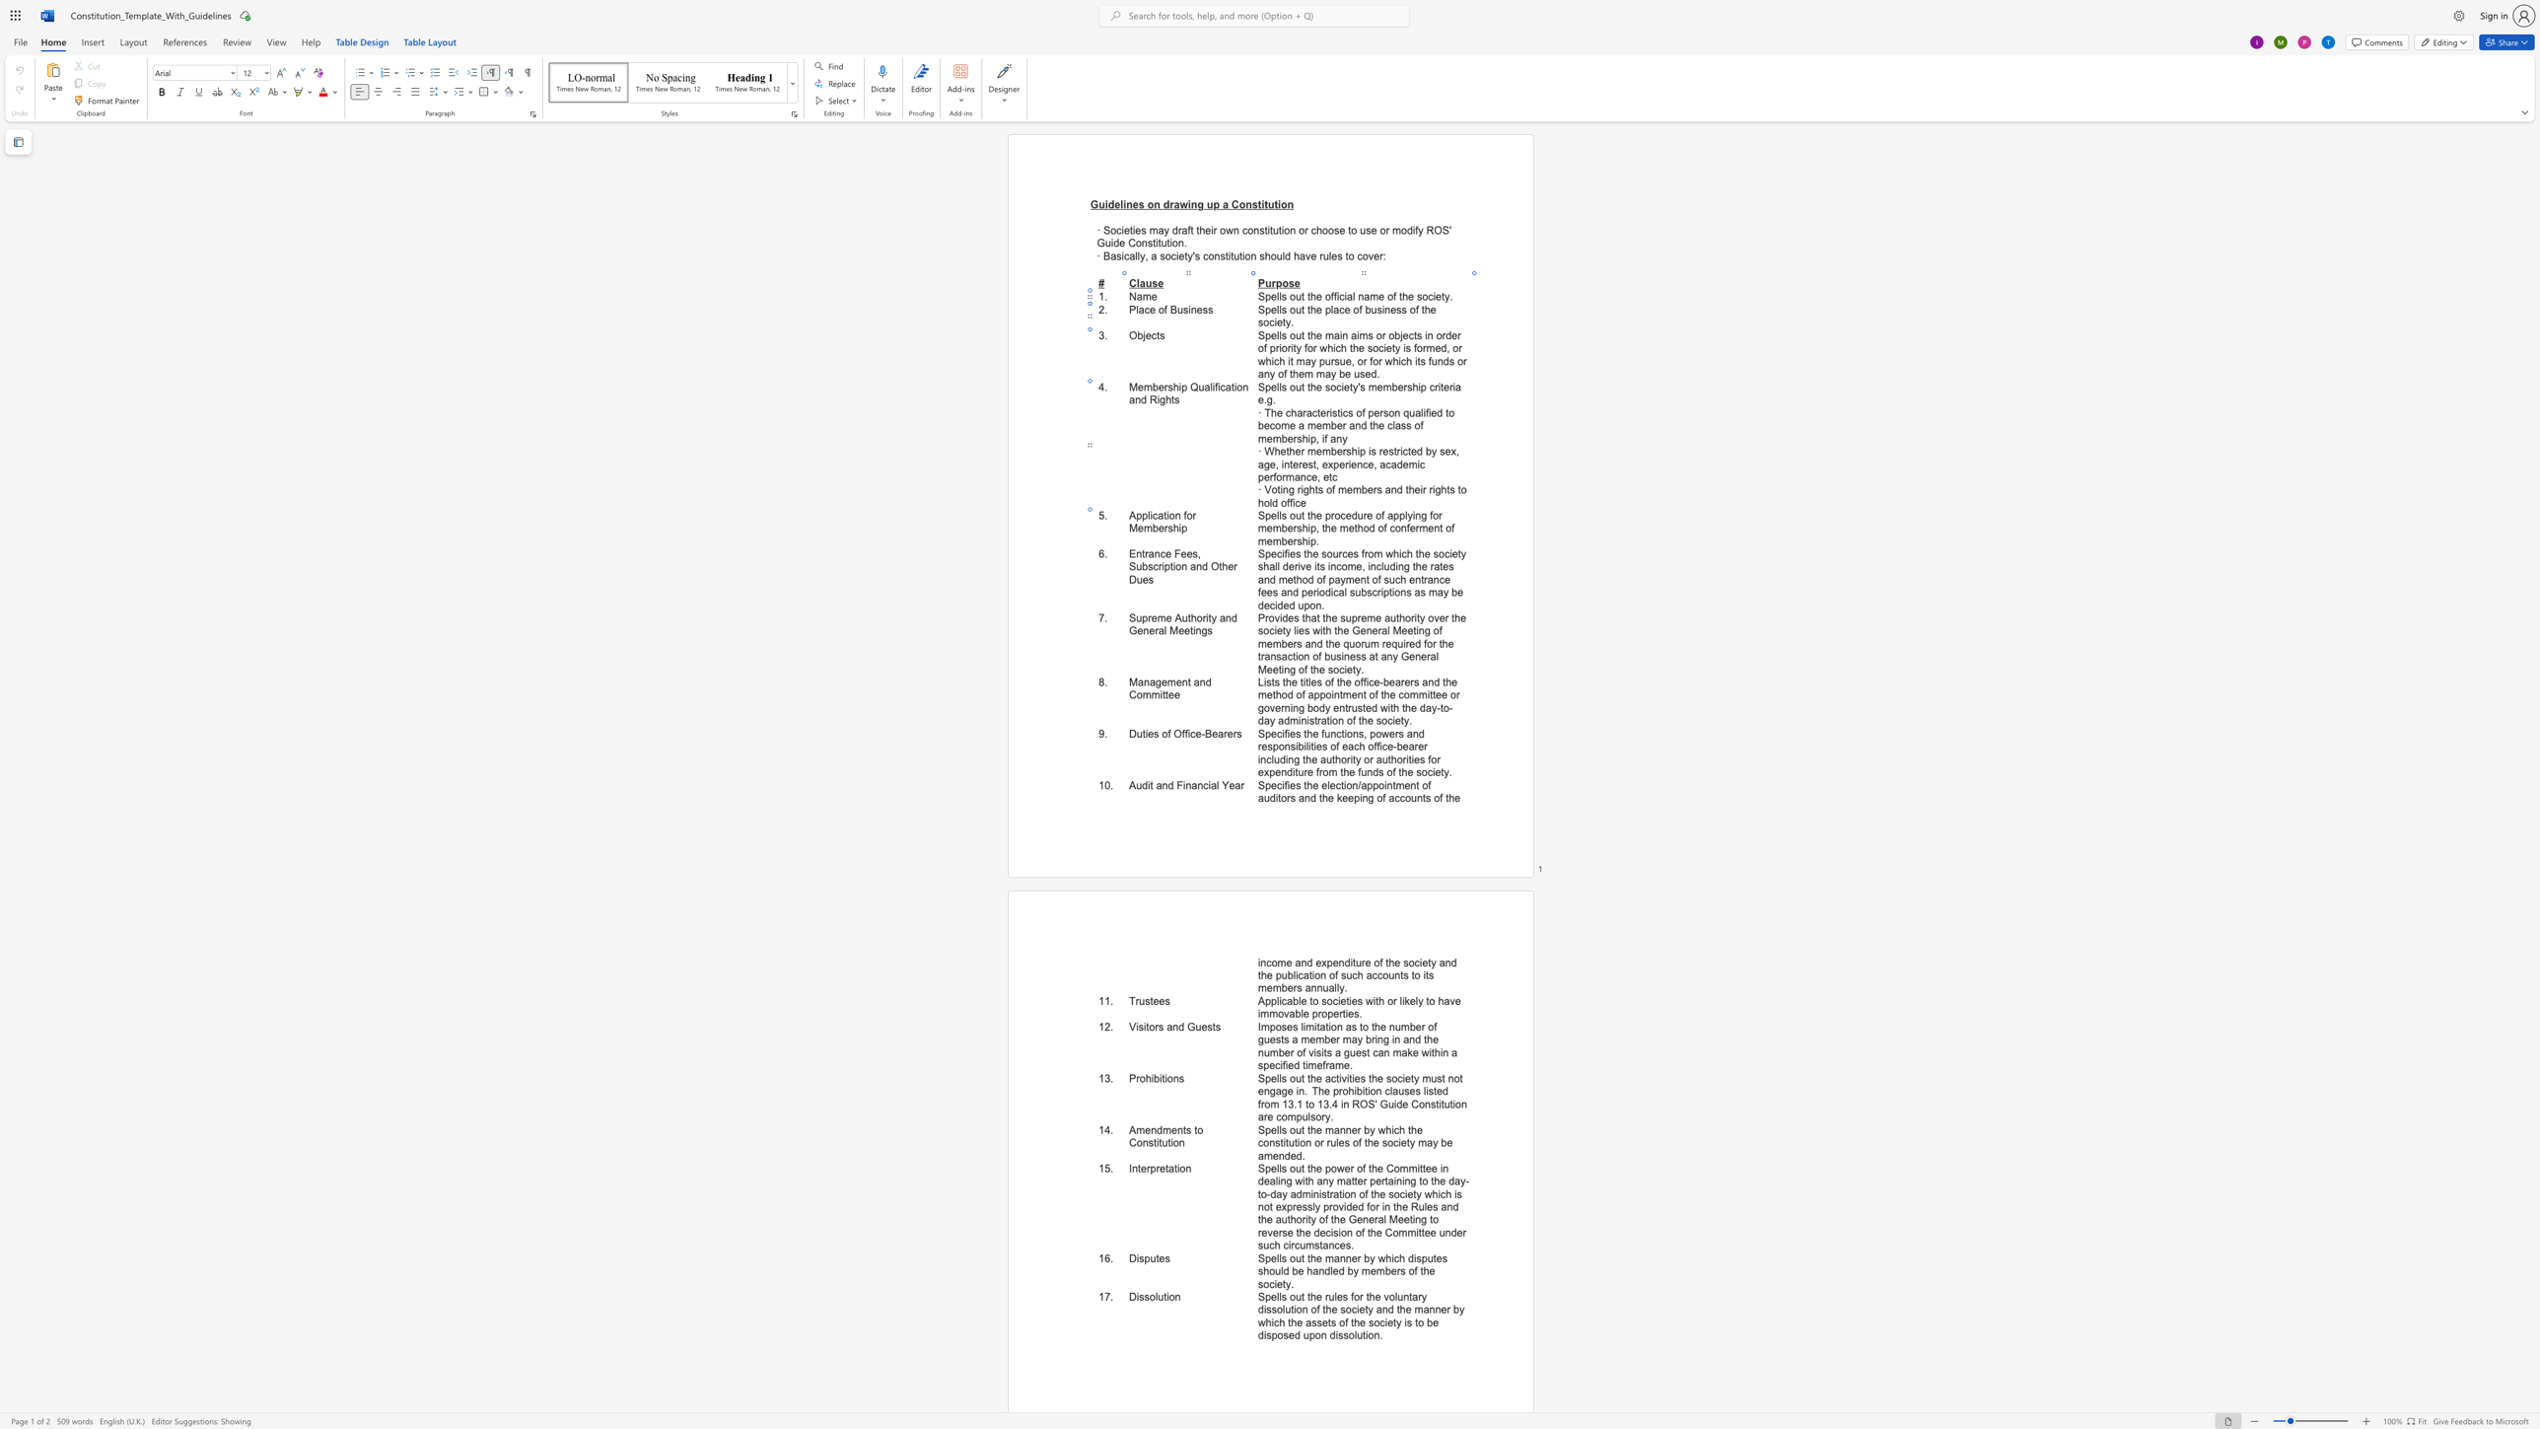  Describe the element at coordinates (1441, 528) in the screenshot. I see `the 5th character "t" in the text` at that location.